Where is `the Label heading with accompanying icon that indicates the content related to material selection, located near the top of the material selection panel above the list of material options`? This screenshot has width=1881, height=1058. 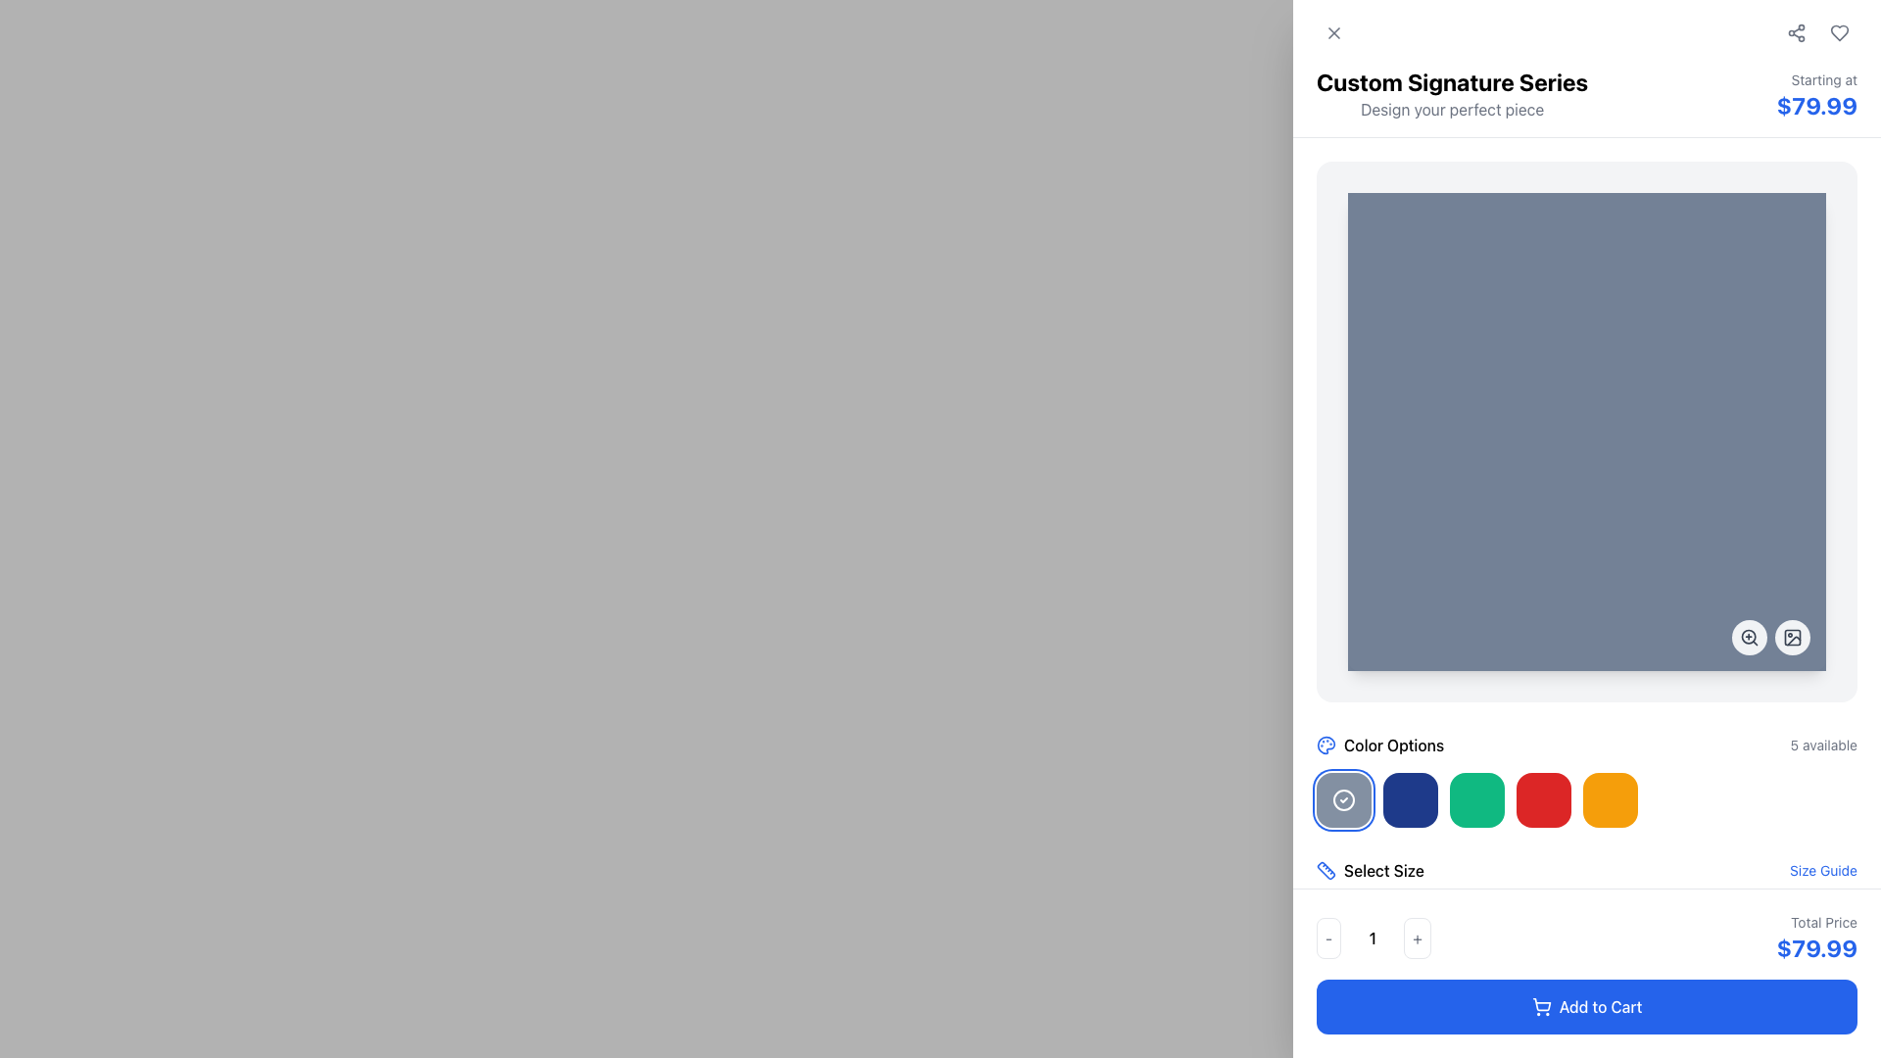
the Label heading with accompanying icon that indicates the content related to material selection, located near the top of the material selection panel above the list of material options is located at coordinates (1587, 988).